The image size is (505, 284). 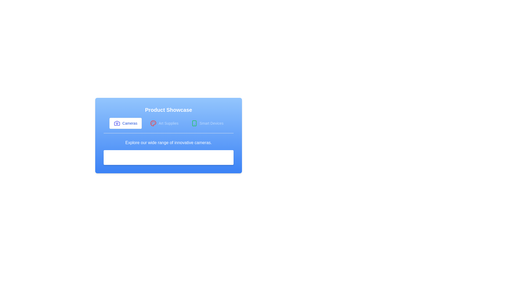 I want to click on the tab labeled Smart Devices, so click(x=207, y=123).